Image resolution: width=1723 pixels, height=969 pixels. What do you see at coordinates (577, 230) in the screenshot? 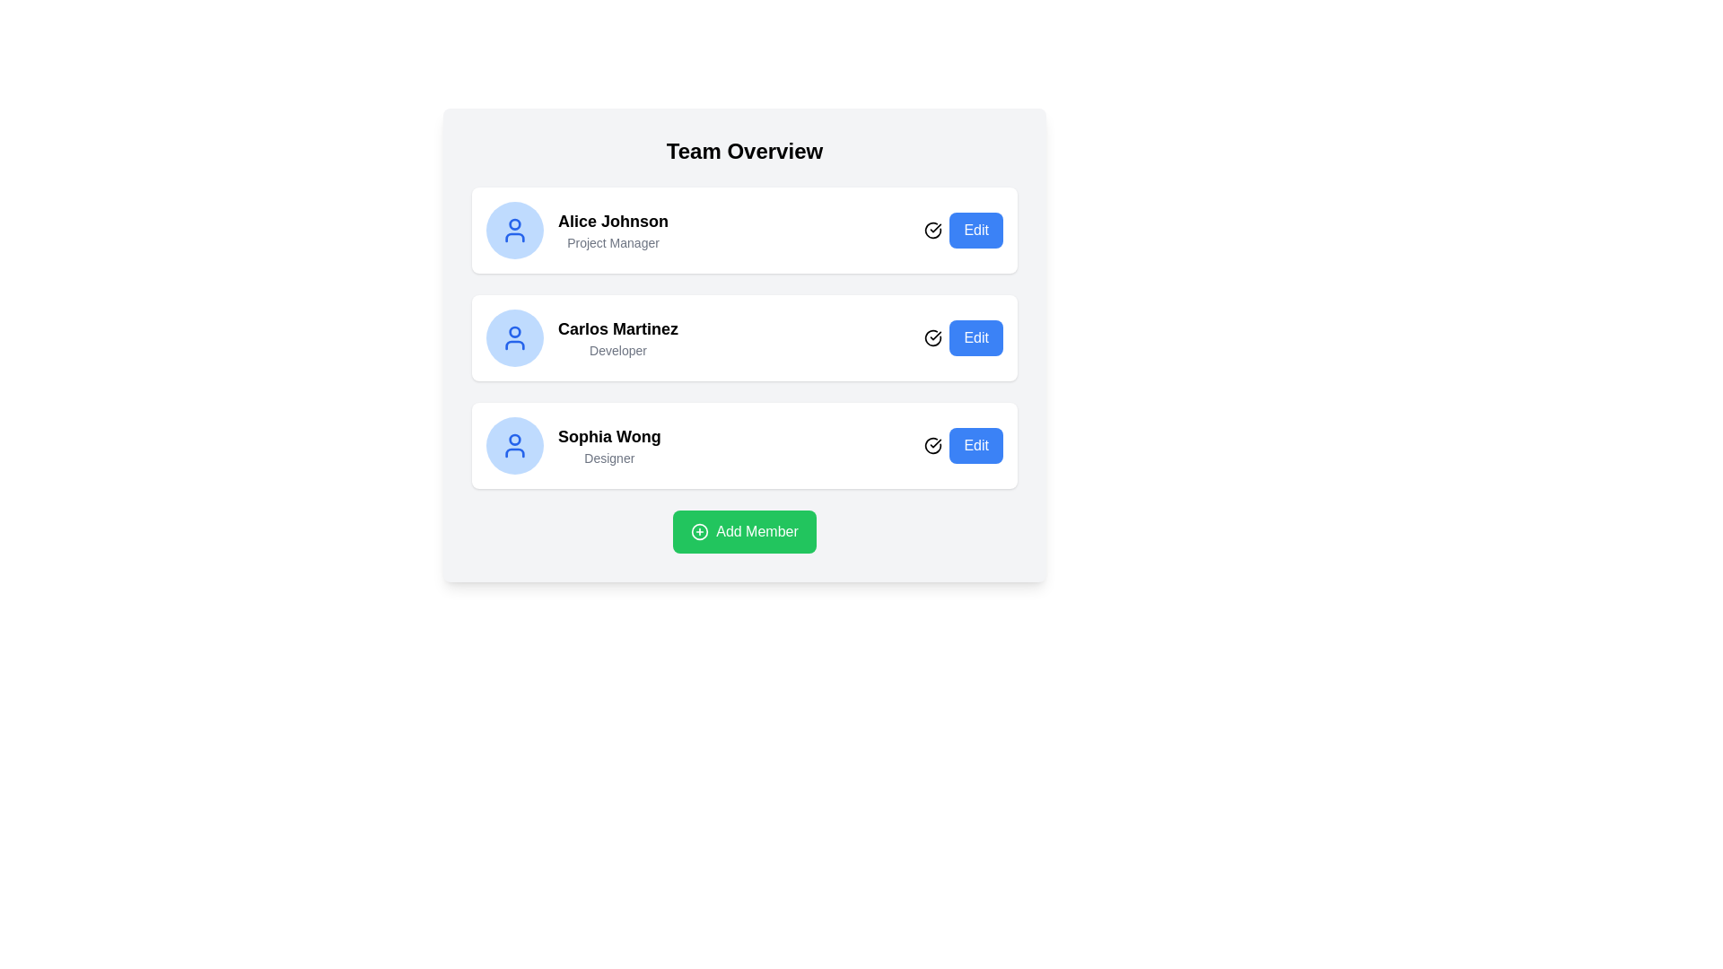
I see `the 'Alice Johnson' text in the Profile display card` at bounding box center [577, 230].